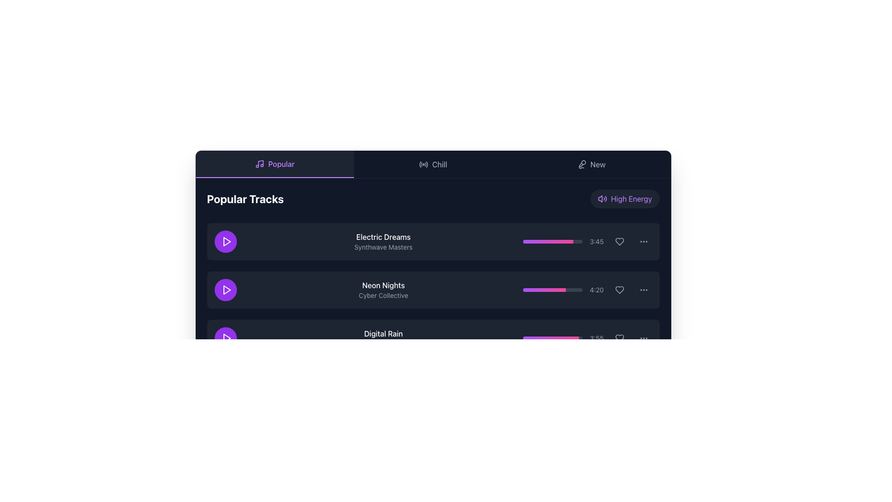 The image size is (892, 502). Describe the element at coordinates (643, 290) in the screenshot. I see `the ellipsis icon consisting of three small circular dots arranged horizontally, located to the far right of the 'Neon Nights' track` at that location.